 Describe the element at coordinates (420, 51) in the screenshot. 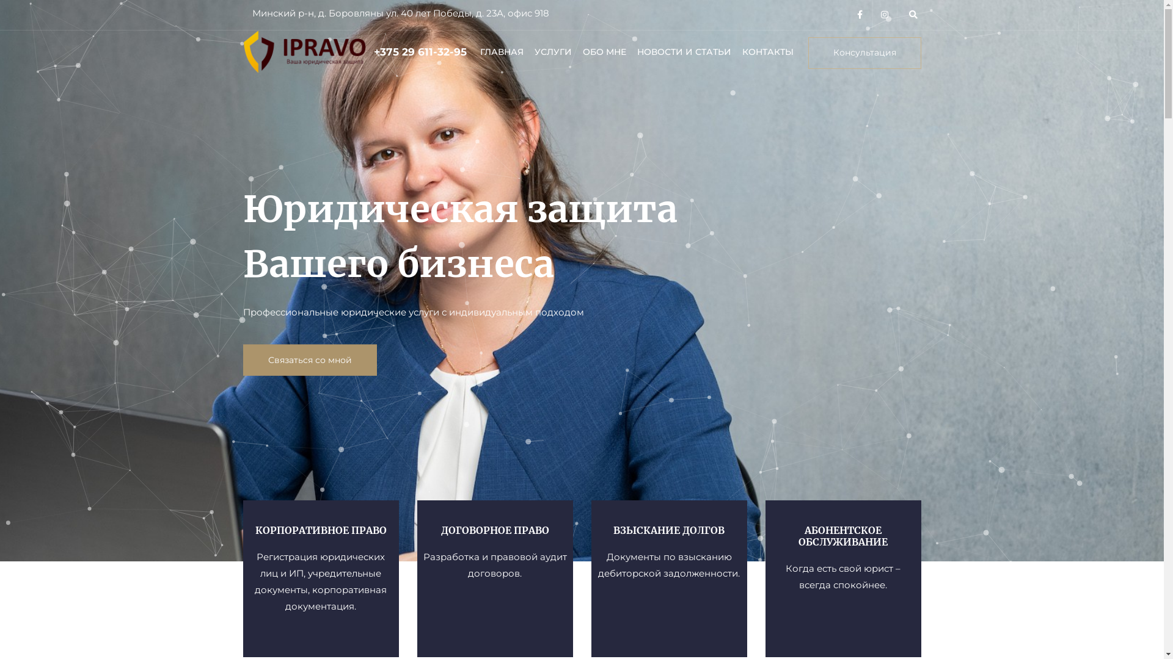

I see `'+375 29 611-32-95'` at that location.